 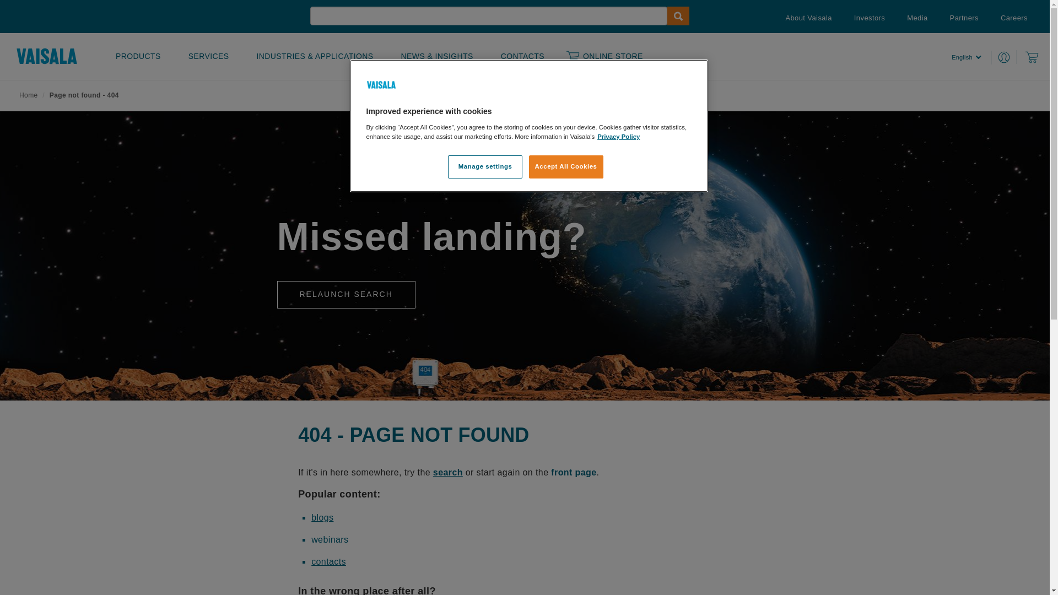 What do you see at coordinates (618, 136) in the screenshot?
I see `'Privacy Policy'` at bounding box center [618, 136].